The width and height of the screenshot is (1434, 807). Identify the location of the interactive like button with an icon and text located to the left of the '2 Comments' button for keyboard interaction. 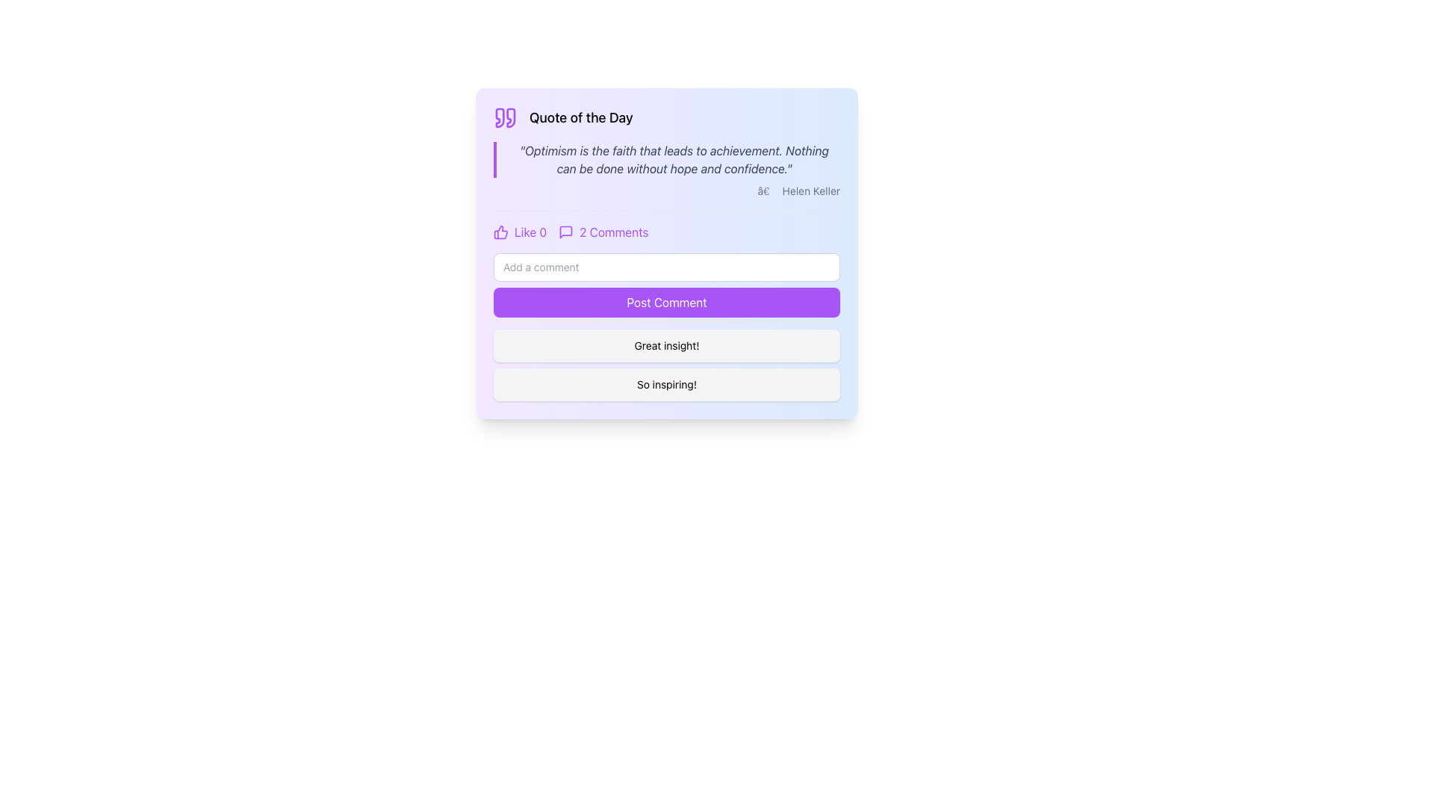
(520, 232).